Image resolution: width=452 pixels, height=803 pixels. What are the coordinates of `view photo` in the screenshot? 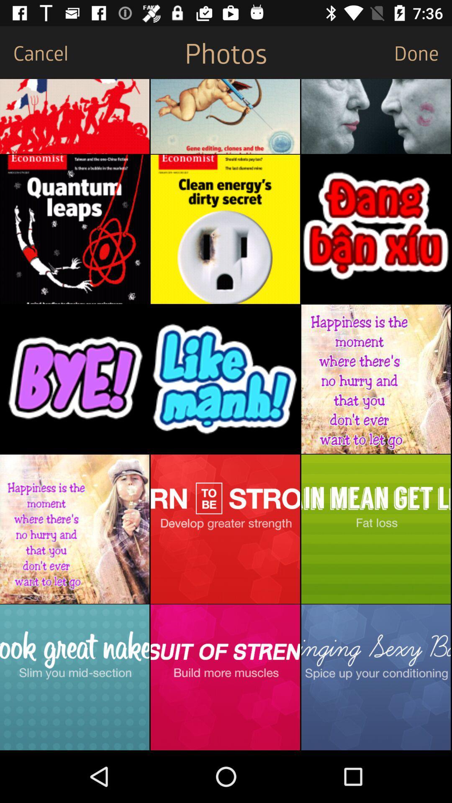 It's located at (375, 116).